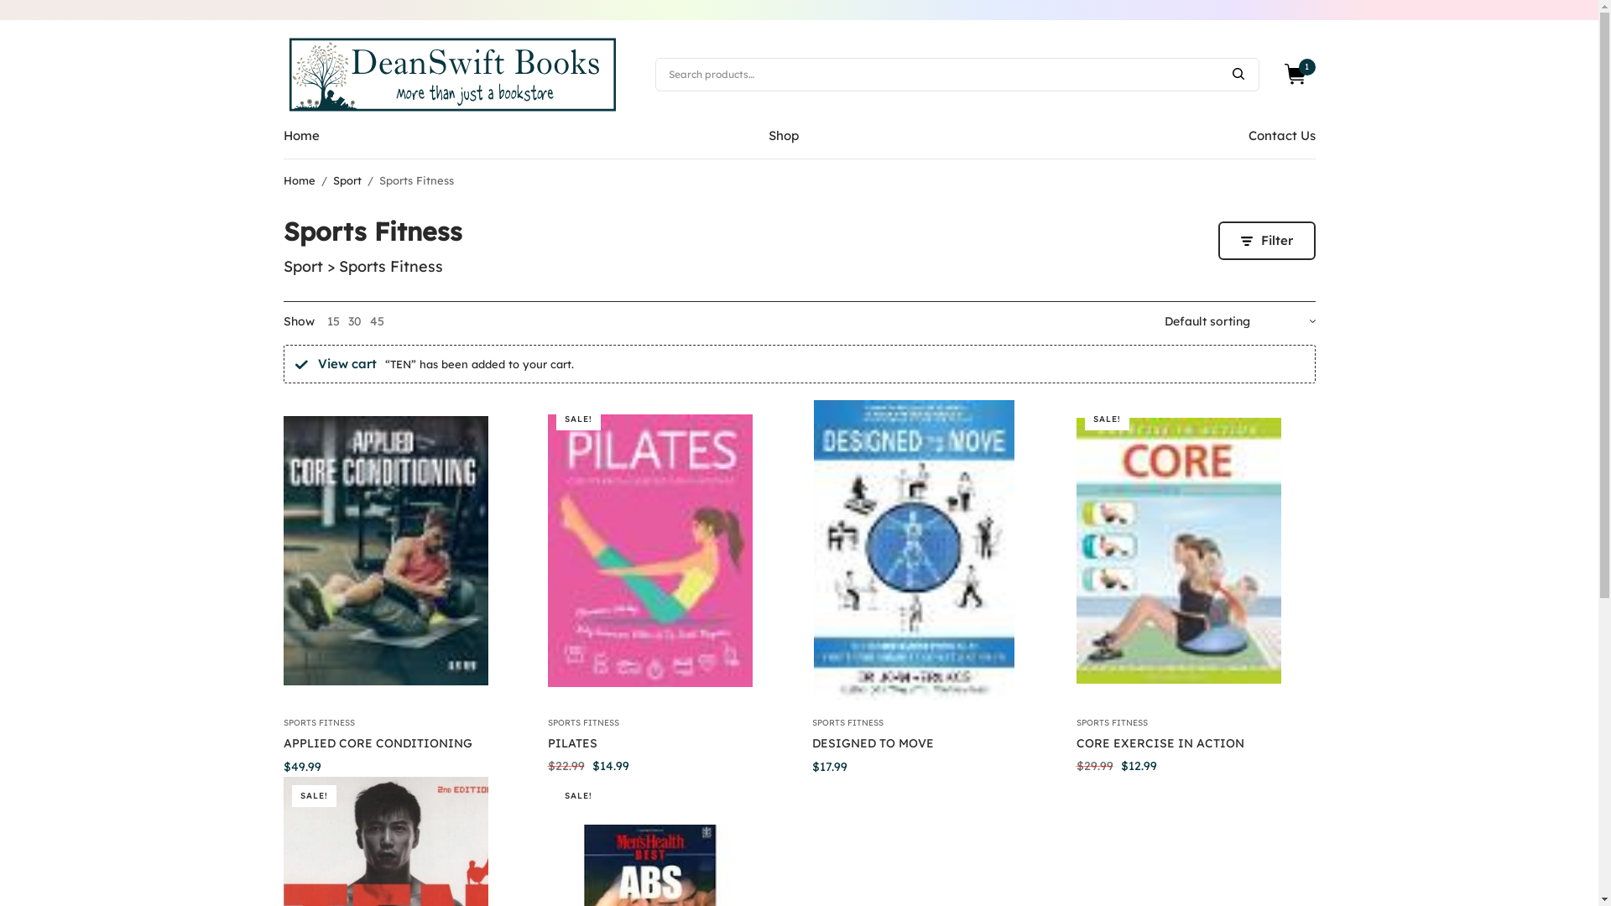  I want to click on 'DESIGNED TO MOVE', so click(873, 742).